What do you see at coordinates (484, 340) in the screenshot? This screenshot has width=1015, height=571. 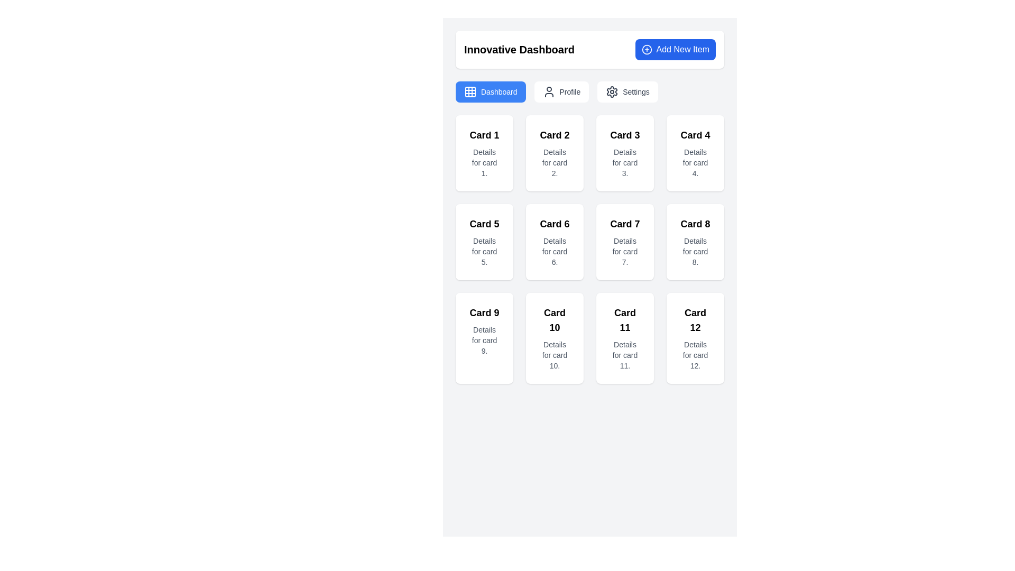 I see `the text label reading 'Details for card 9.' located below the main title 'Card 9' in the second row, first column of a grid of cards` at bounding box center [484, 340].